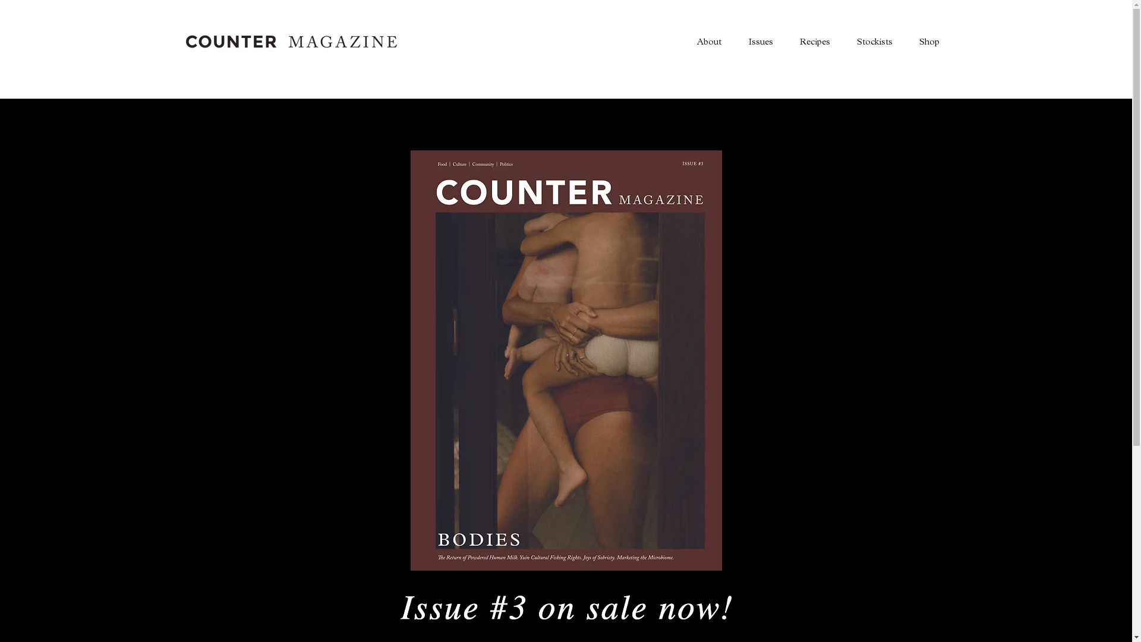 This screenshot has height=642, width=1141. I want to click on 'Issues', so click(759, 40).